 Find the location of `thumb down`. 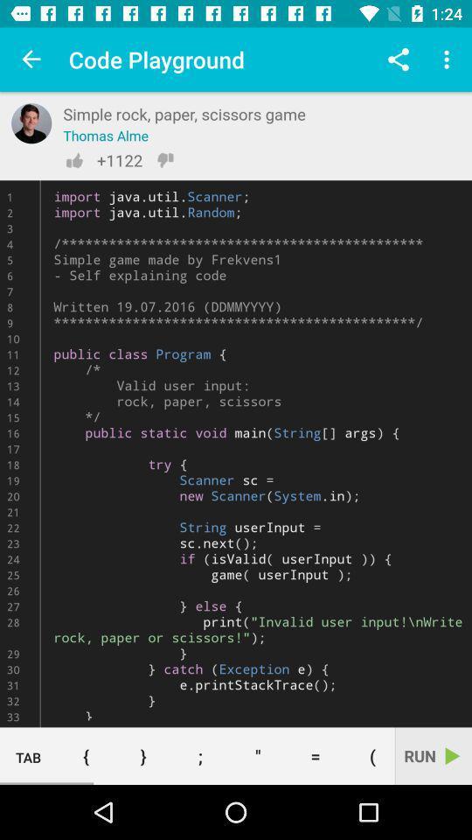

thumb down is located at coordinates (165, 160).